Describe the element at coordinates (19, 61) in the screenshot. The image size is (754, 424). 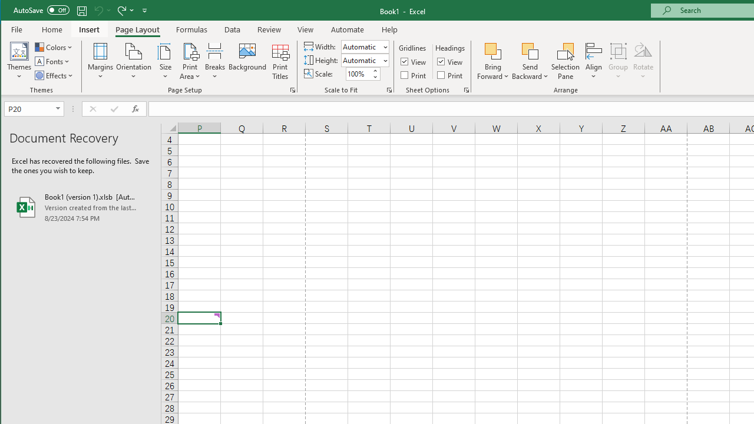
I see `'Themes'` at that location.